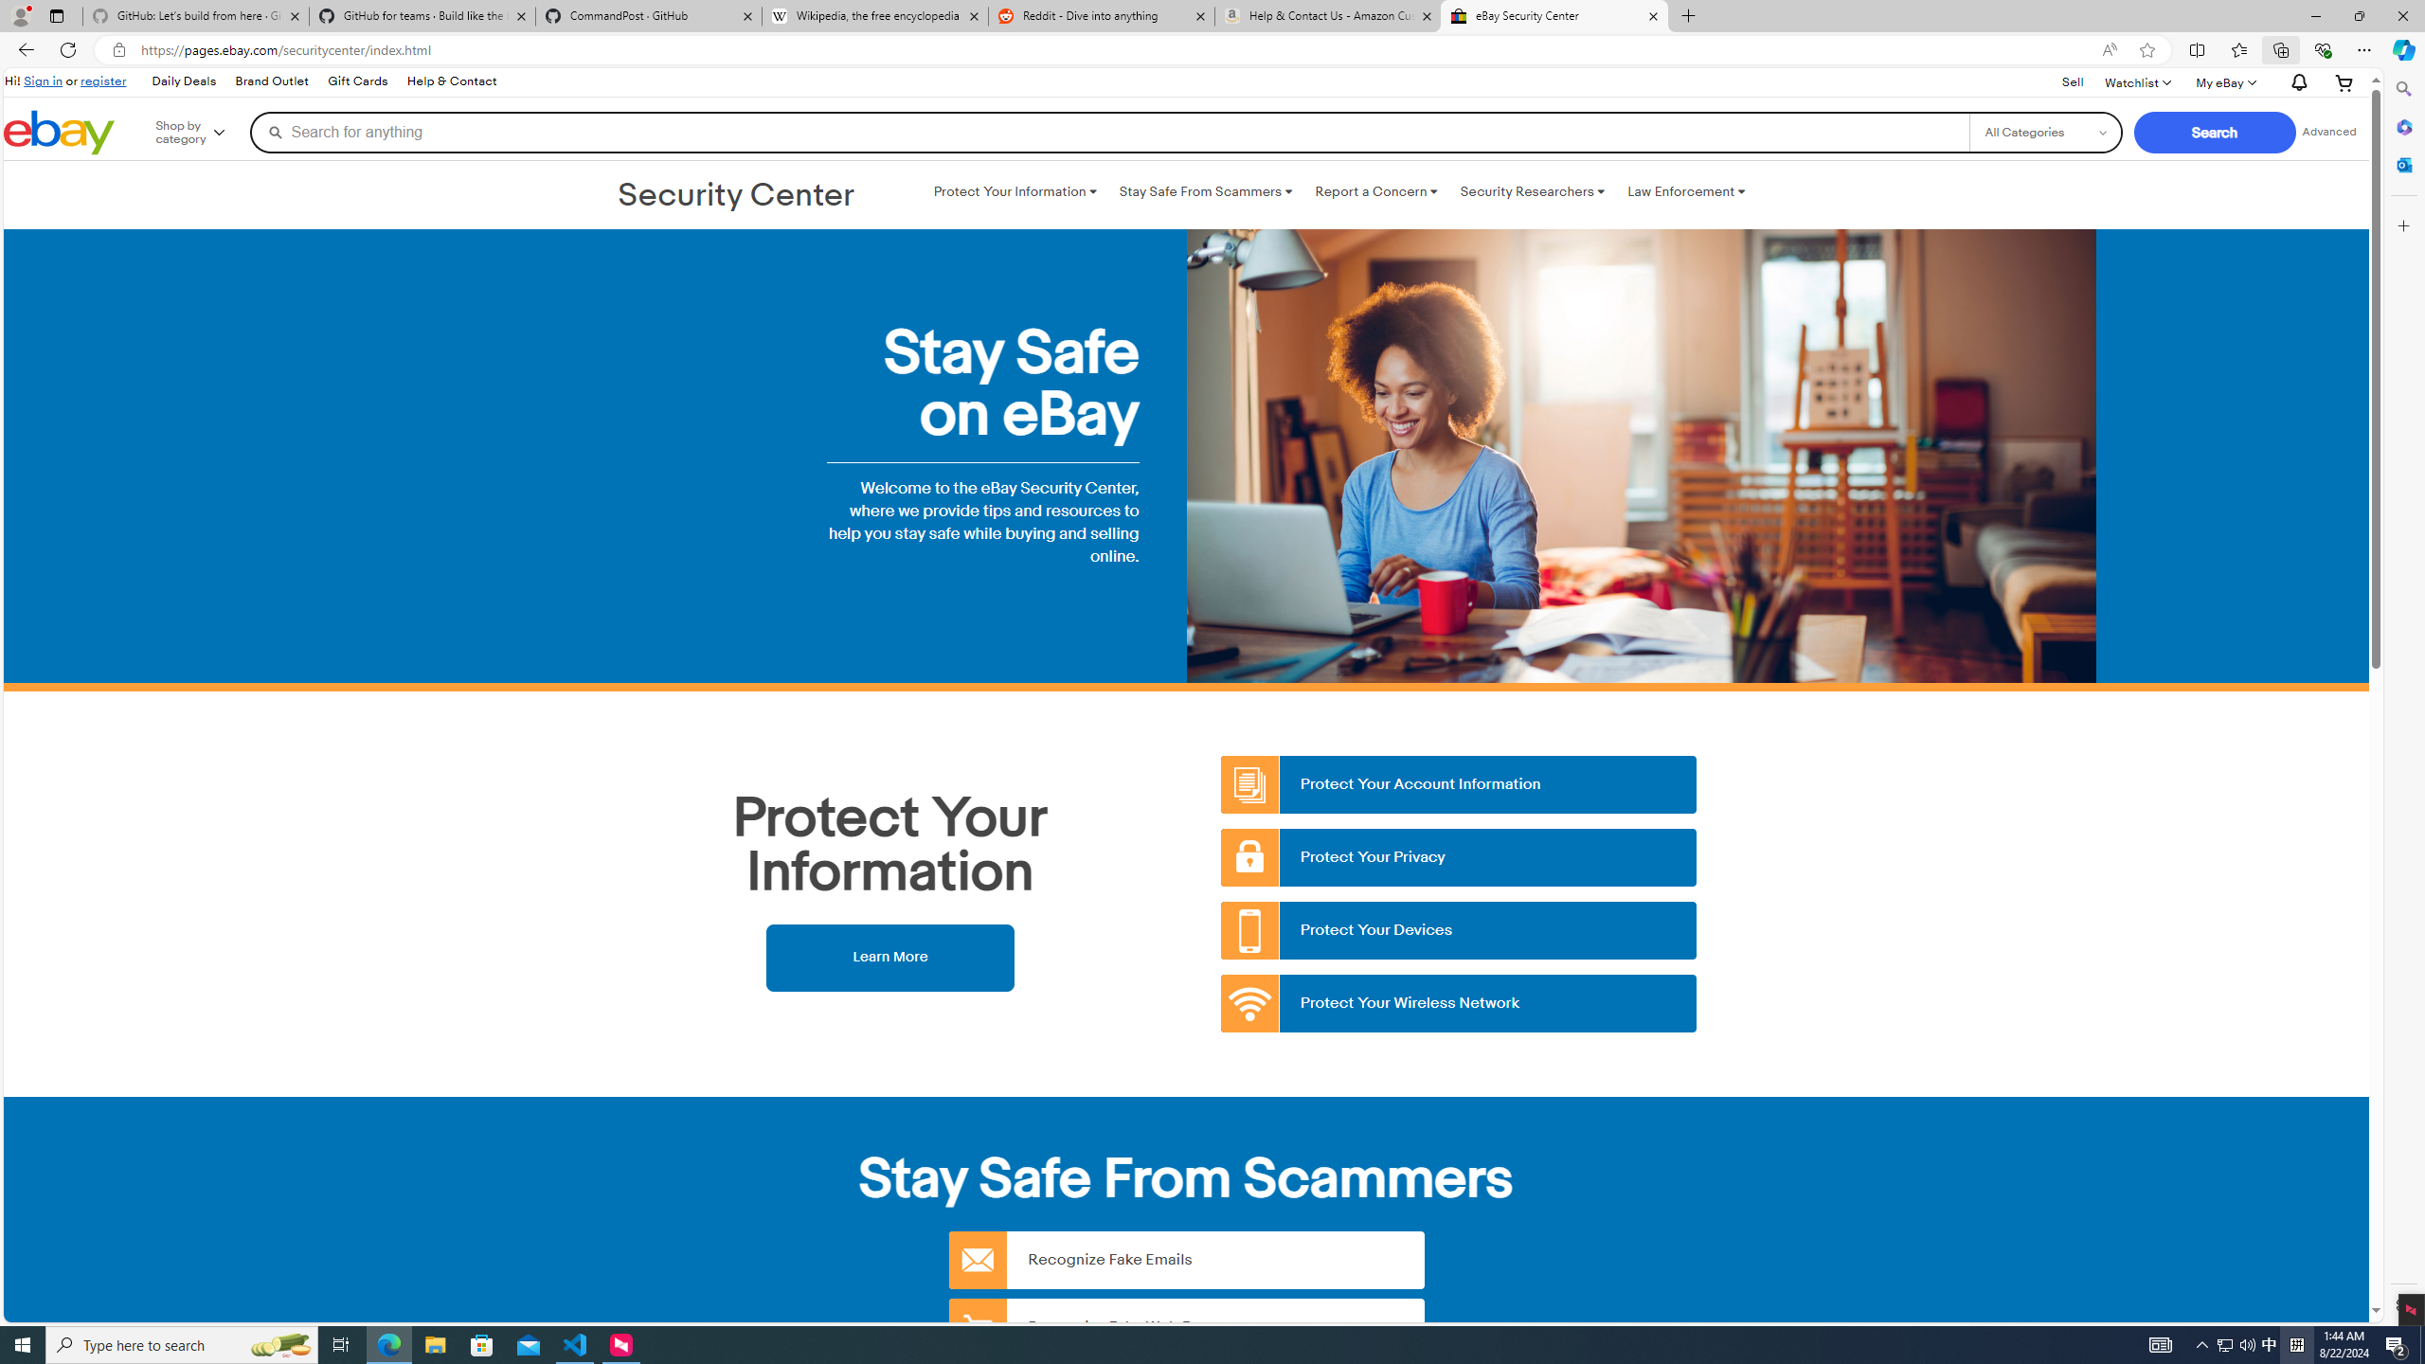  Describe the element at coordinates (1108, 131) in the screenshot. I see `'Search for anything'` at that location.